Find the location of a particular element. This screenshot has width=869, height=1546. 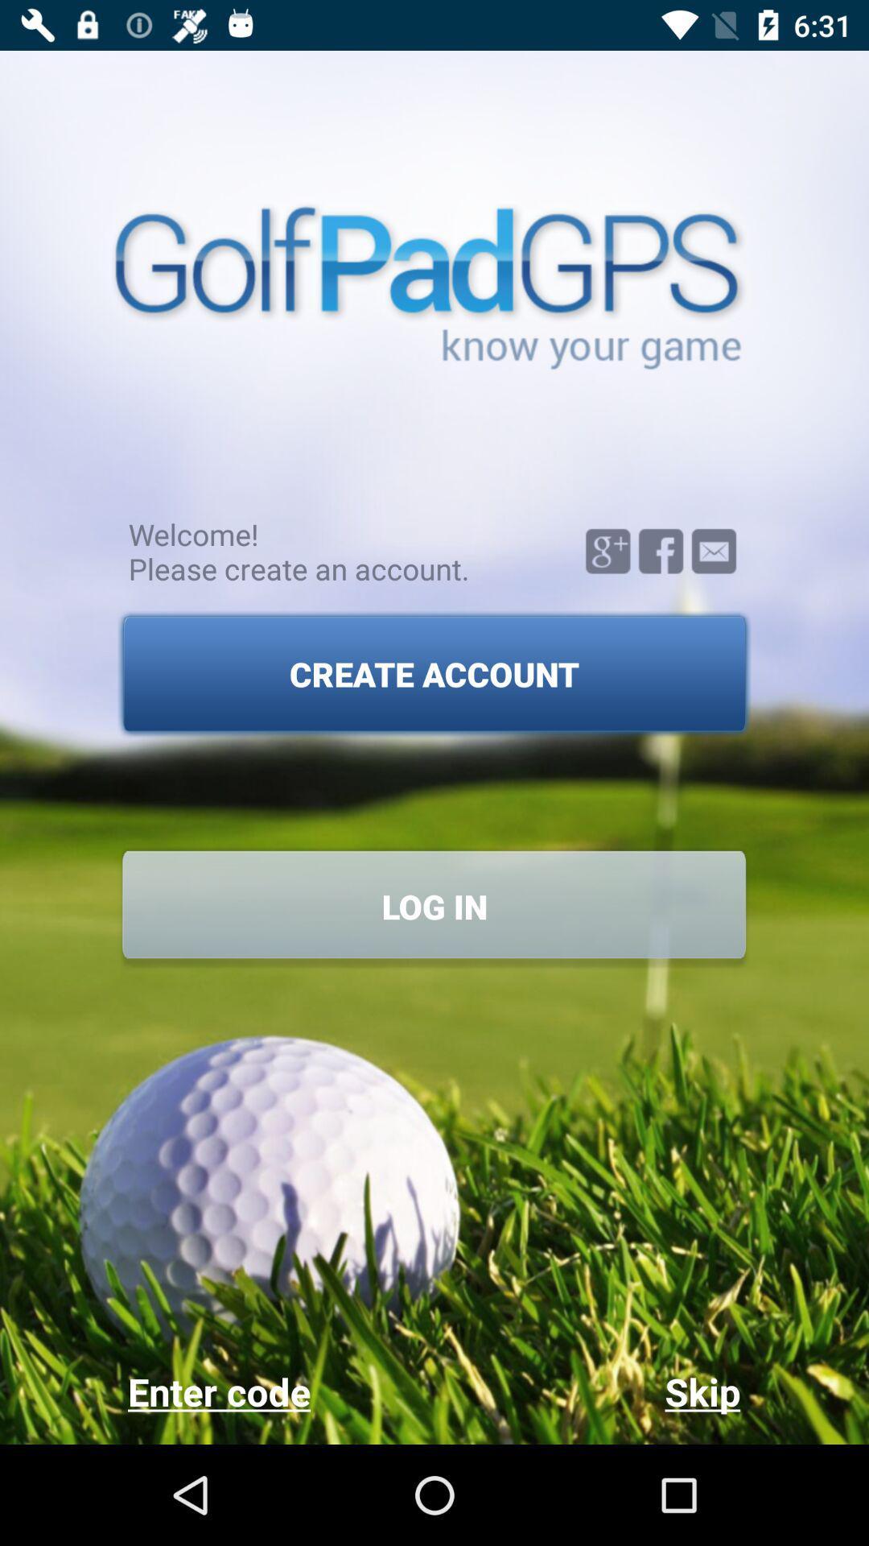

the item next to enter code item is located at coordinates (587, 1391).